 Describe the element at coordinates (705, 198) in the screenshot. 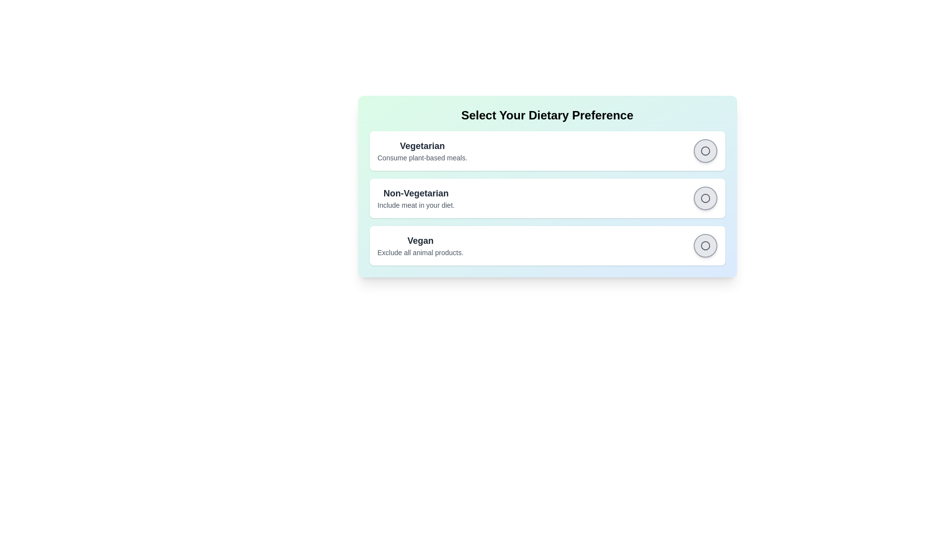

I see `the radio button indicator for the 'Non-Vegetarian' option in the 'Select Your Dietary Preference' section` at that location.